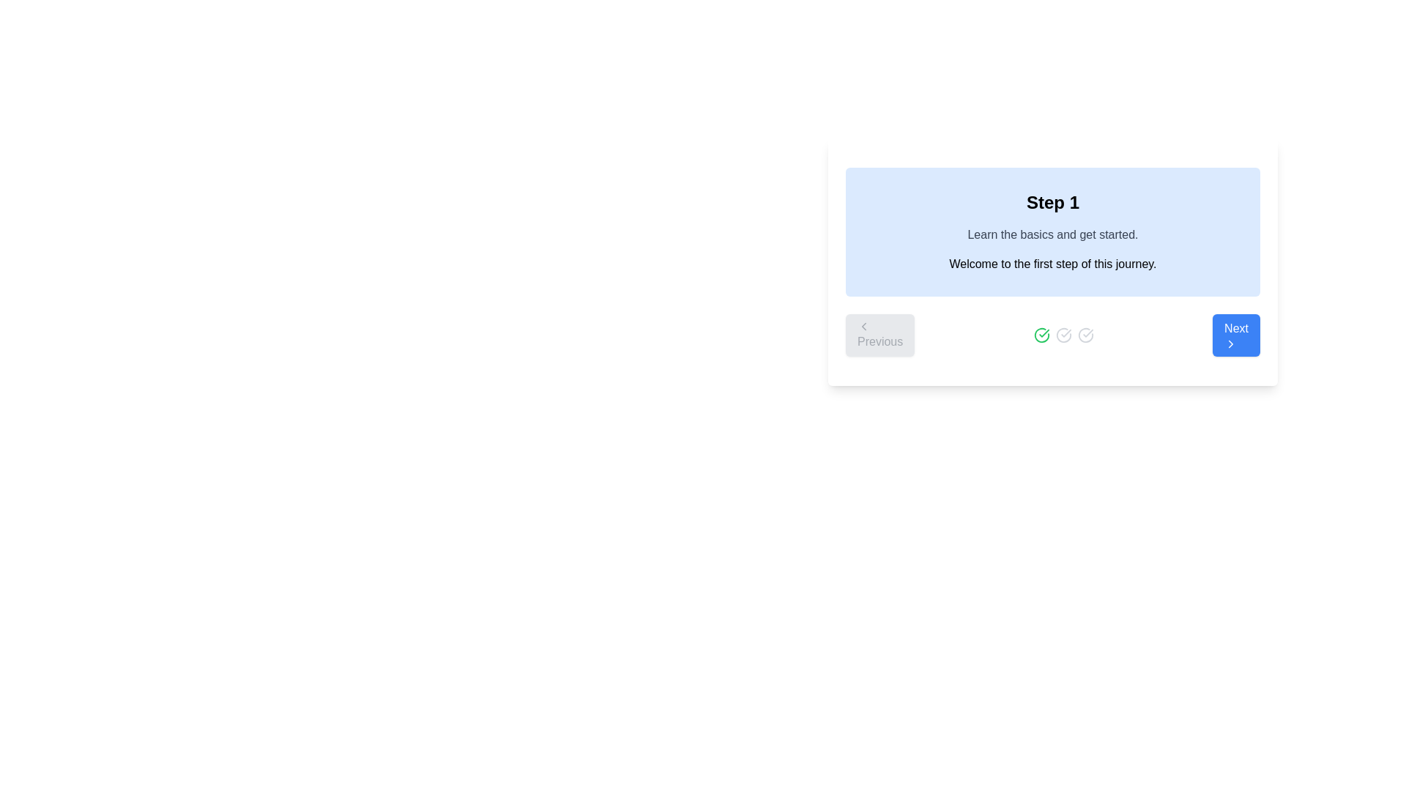 The height and width of the screenshot is (791, 1406). I want to click on the static text element that reads 'Welcome to the first step of this journey.', which is styled with a standard font and contained within a light blue background box with rounded corners, so click(1052, 264).